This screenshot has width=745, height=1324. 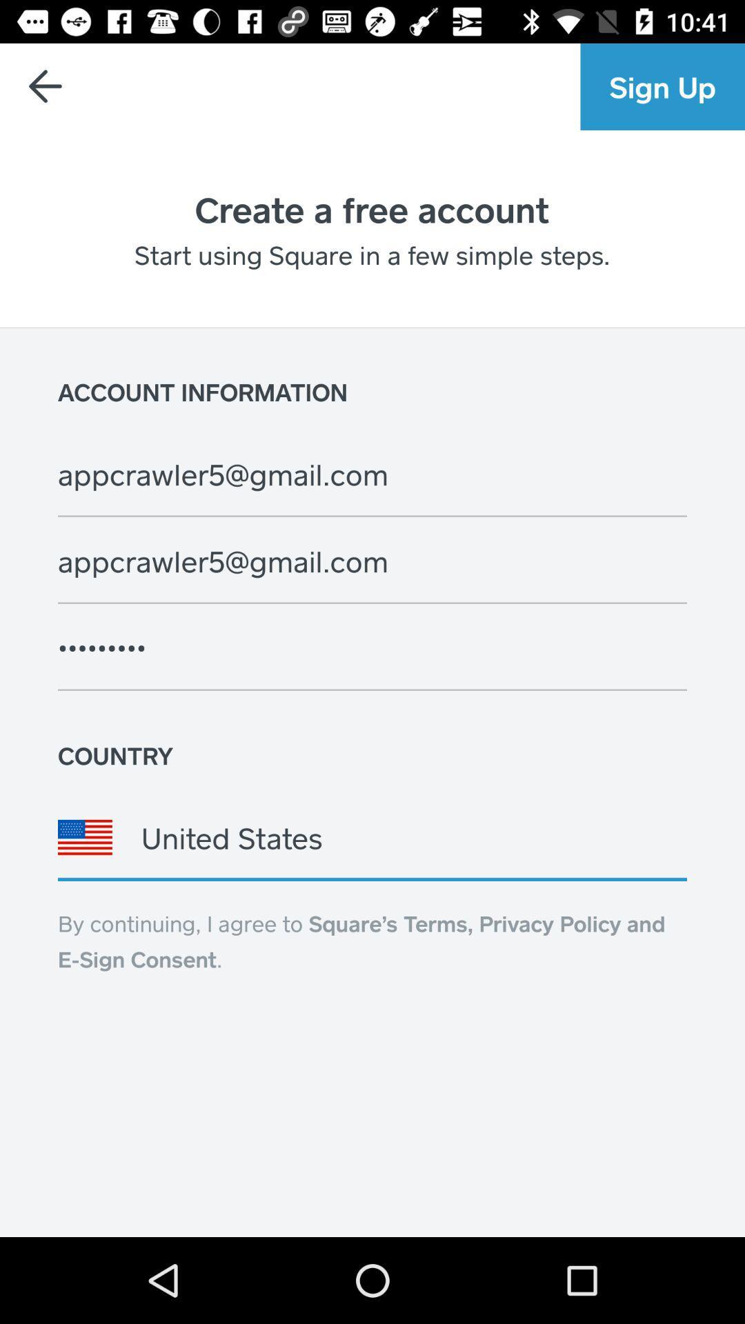 What do you see at coordinates (386, 648) in the screenshot?
I see `the field above country` at bounding box center [386, 648].